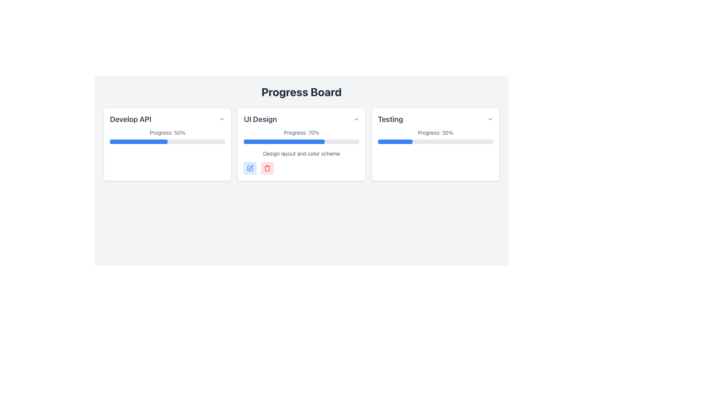 This screenshot has width=718, height=404. What do you see at coordinates (250, 168) in the screenshot?
I see `the edit icon located on the left side of the control icons at the bottom section of the 'UI Design' card` at bounding box center [250, 168].